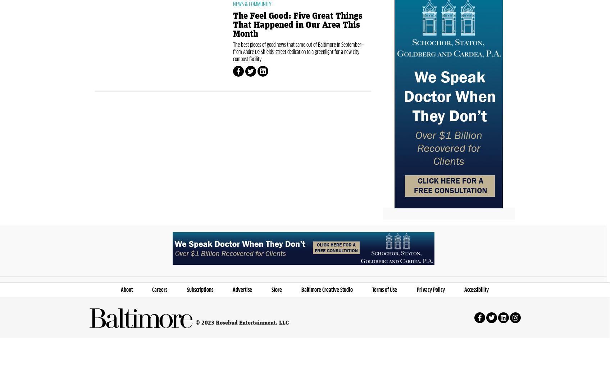 This screenshot has height=371, width=615. What do you see at coordinates (126, 324) in the screenshot?
I see `'About'` at bounding box center [126, 324].